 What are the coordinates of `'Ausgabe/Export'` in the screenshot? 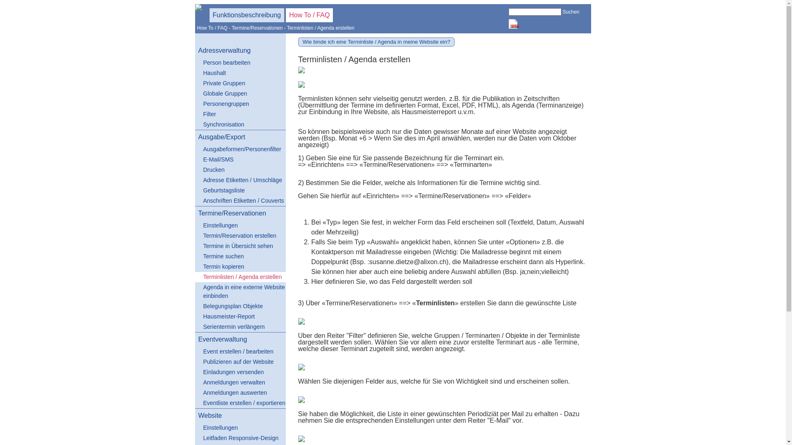 It's located at (239, 136).